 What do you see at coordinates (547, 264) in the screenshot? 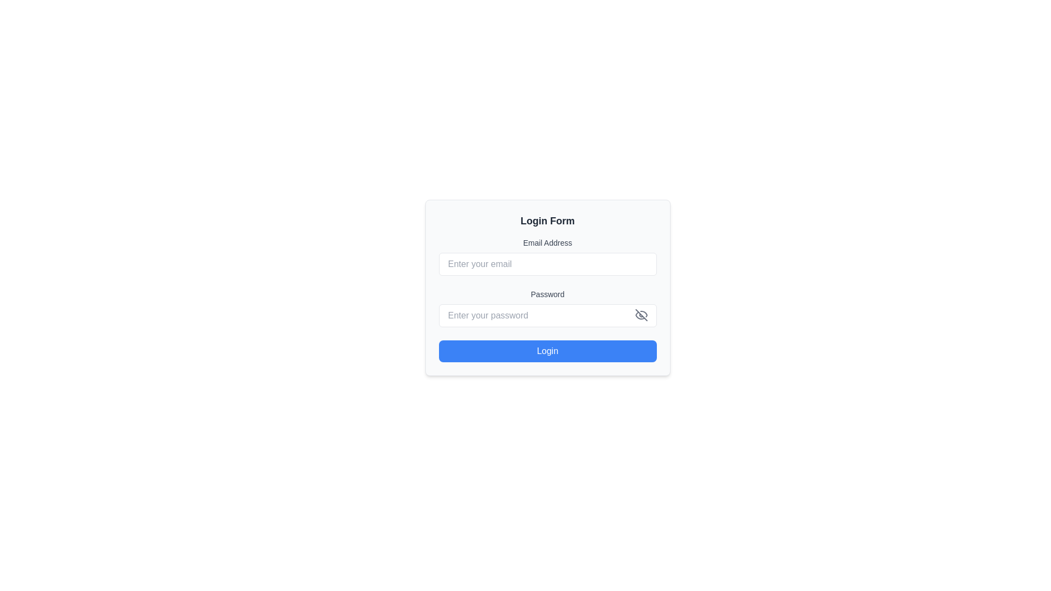
I see `the text input field labeled 'Email Address'` at bounding box center [547, 264].